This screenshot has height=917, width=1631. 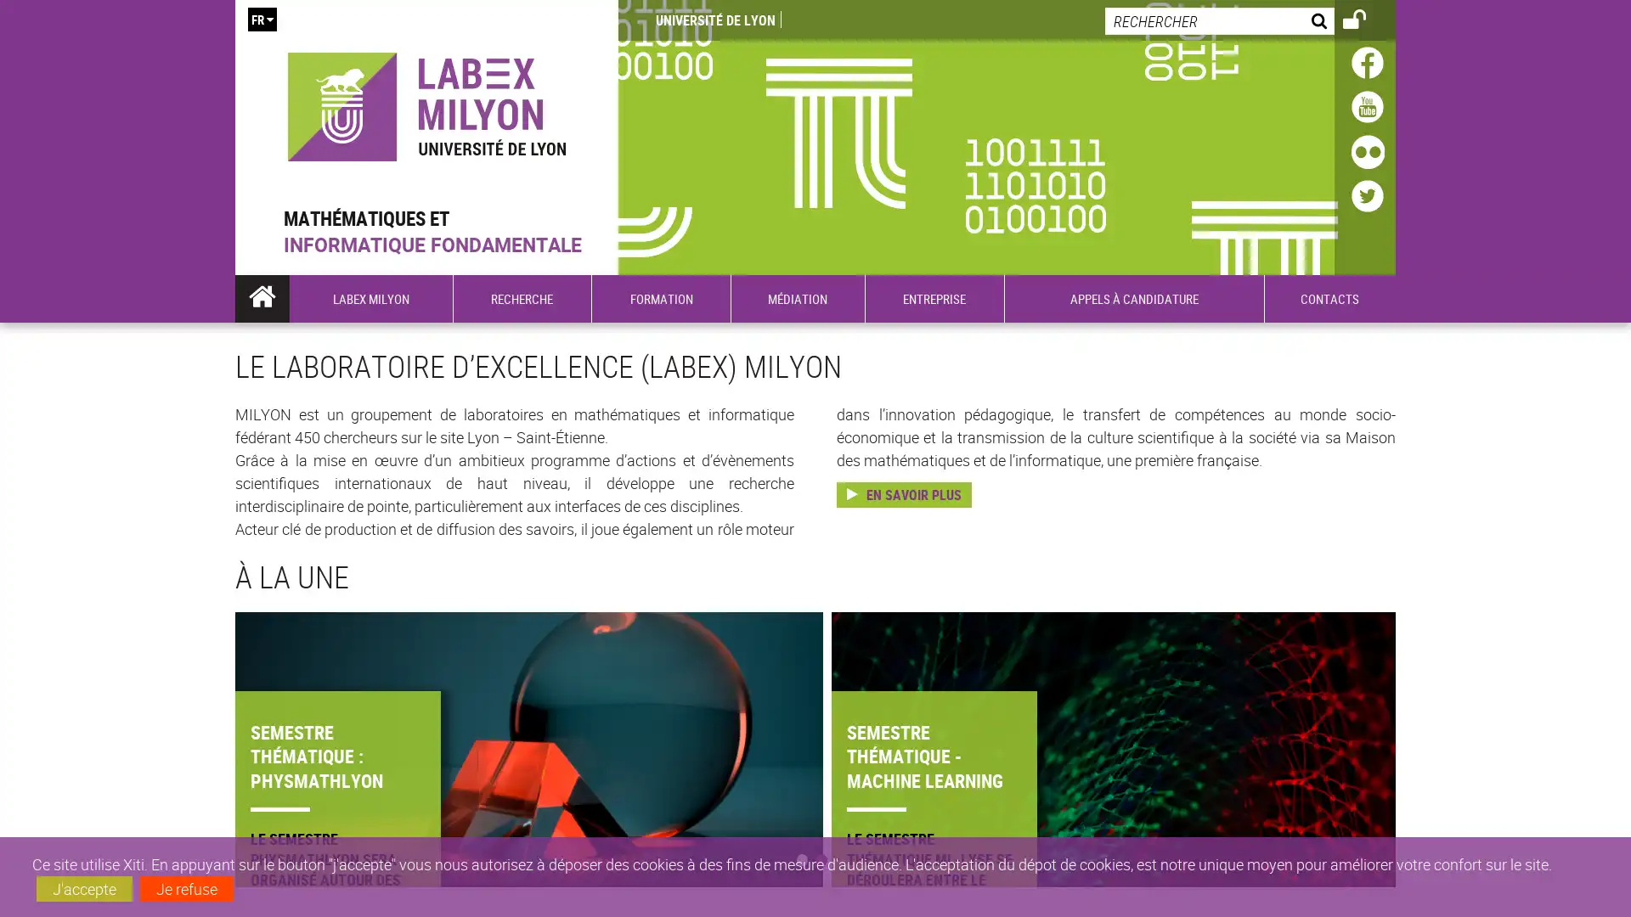 I want to click on FORMATION, so click(x=659, y=297).